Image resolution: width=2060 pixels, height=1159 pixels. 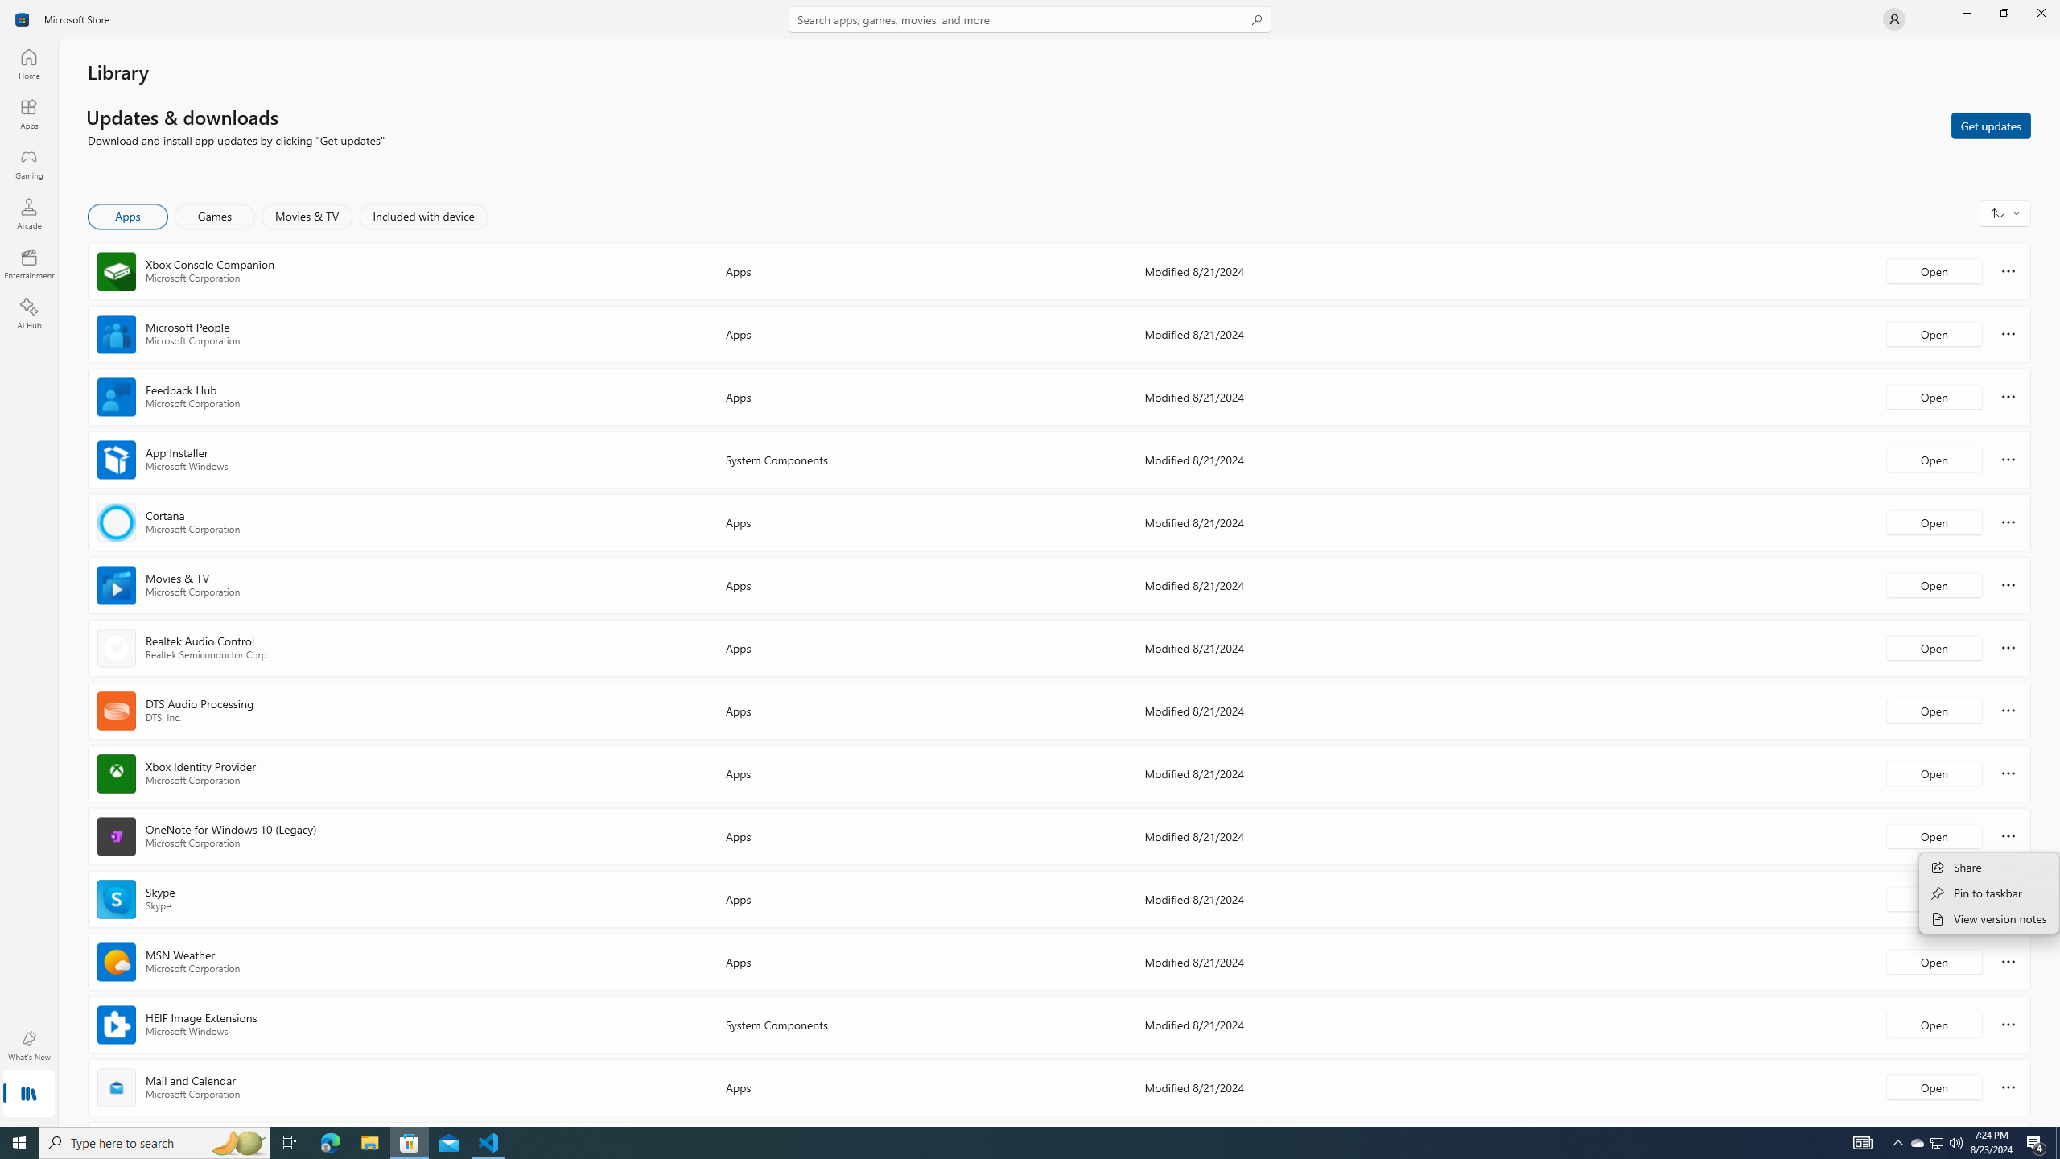 What do you see at coordinates (214, 216) in the screenshot?
I see `'Games'` at bounding box center [214, 216].